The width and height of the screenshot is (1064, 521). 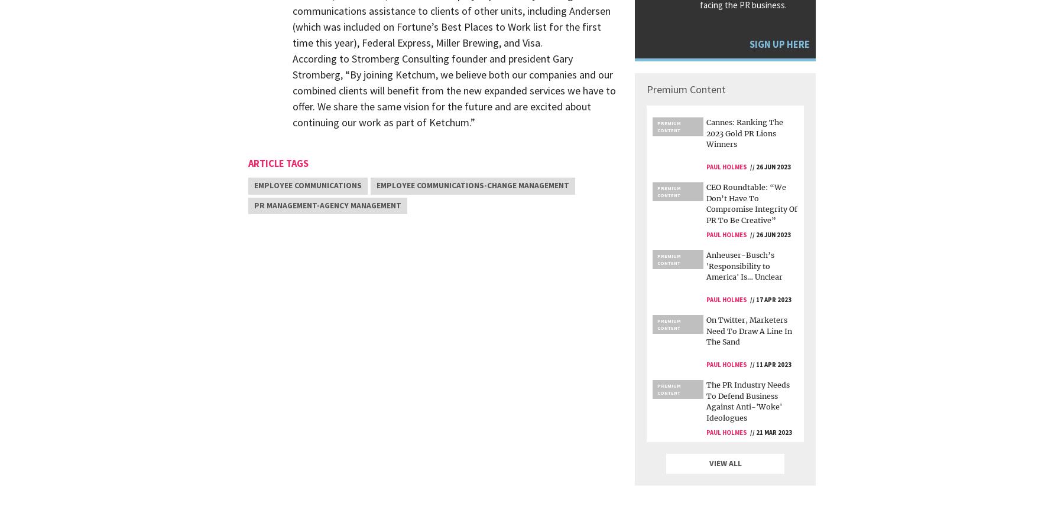 What do you see at coordinates (745, 133) in the screenshot?
I see `'Cannes: Ranking The 2023 Gold PR Lions Winners'` at bounding box center [745, 133].